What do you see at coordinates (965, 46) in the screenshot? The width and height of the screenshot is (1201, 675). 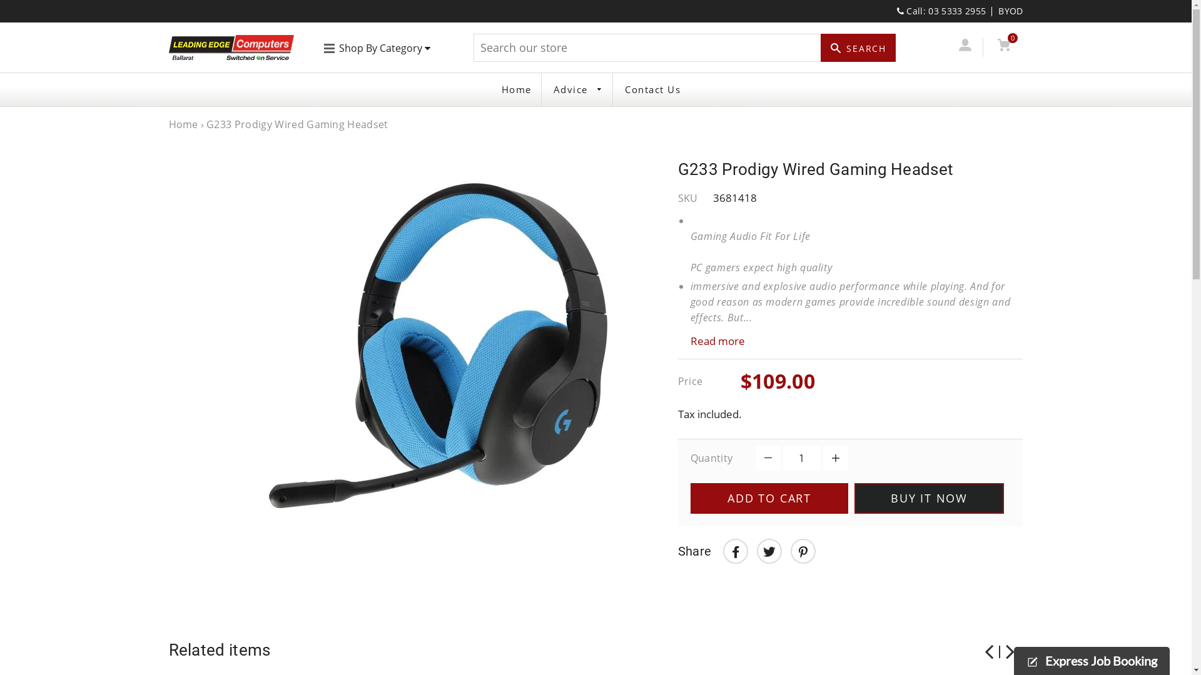 I see `'Log In'` at bounding box center [965, 46].